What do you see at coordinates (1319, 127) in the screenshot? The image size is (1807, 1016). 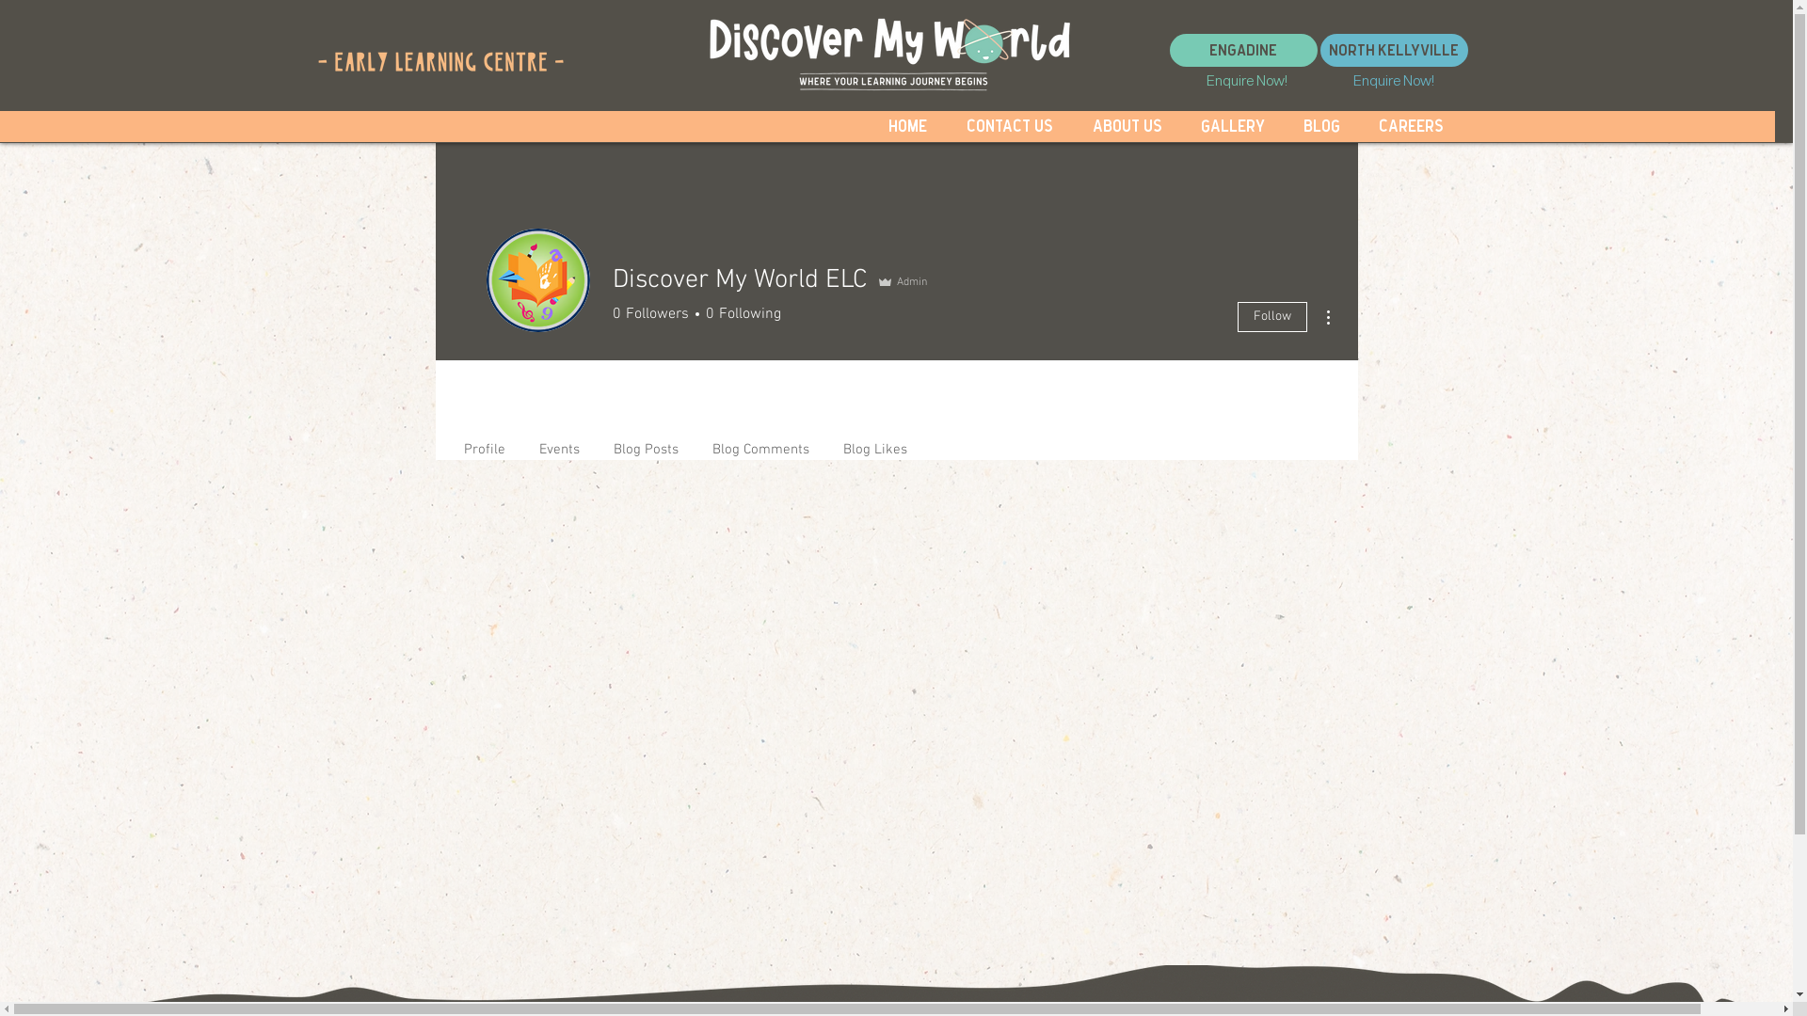 I see `'Blog'` at bounding box center [1319, 127].